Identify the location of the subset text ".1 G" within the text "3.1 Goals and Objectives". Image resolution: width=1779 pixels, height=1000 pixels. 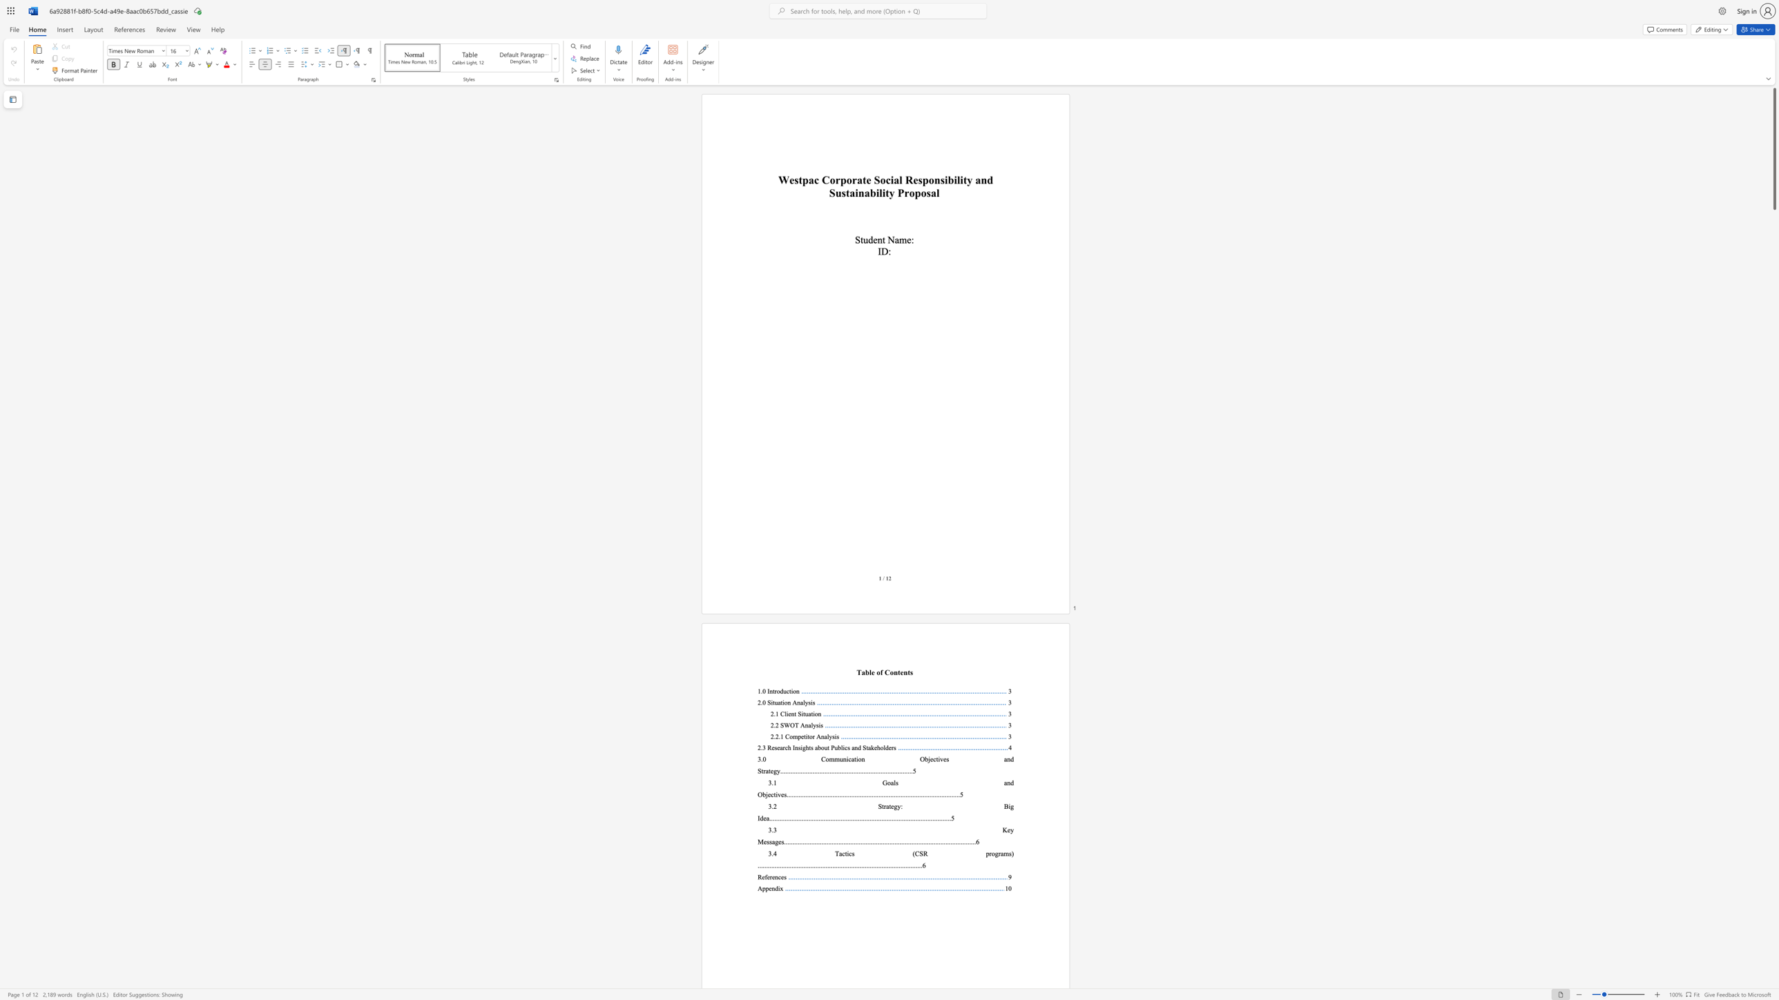
(771, 782).